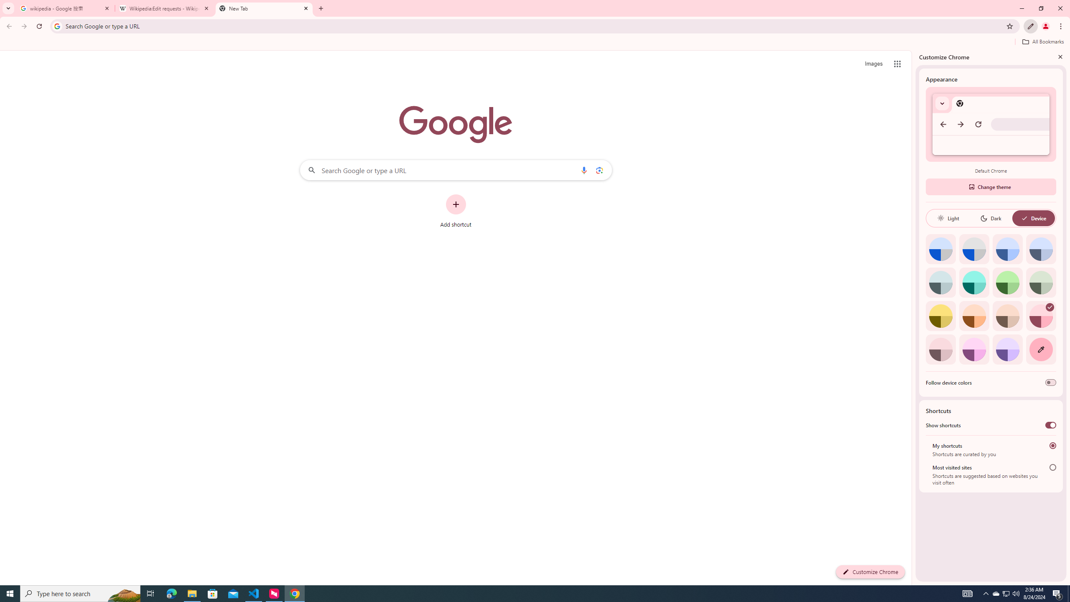  What do you see at coordinates (1041, 249) in the screenshot?
I see `'Cool grey'` at bounding box center [1041, 249].